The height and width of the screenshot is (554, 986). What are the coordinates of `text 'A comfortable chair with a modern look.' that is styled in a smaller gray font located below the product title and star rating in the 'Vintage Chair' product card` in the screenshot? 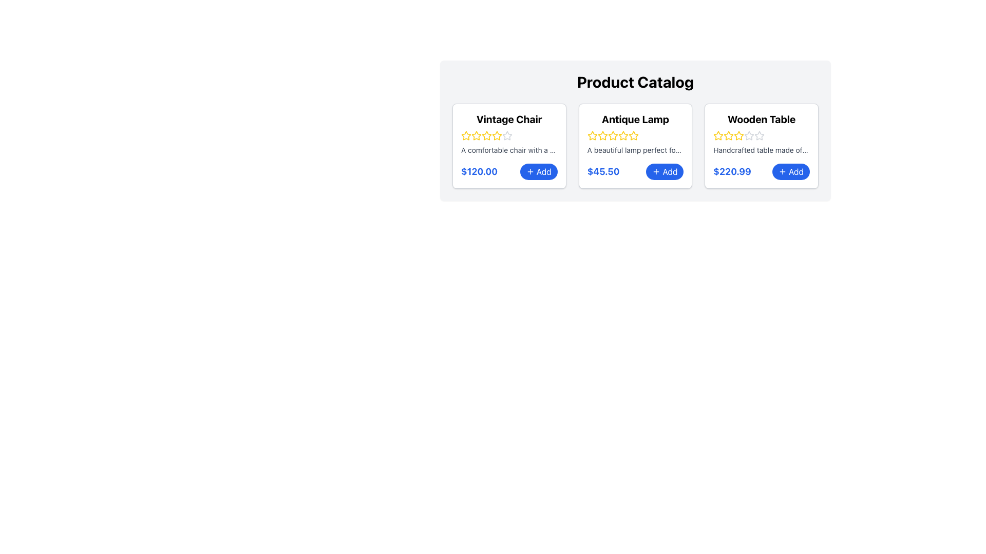 It's located at (509, 150).